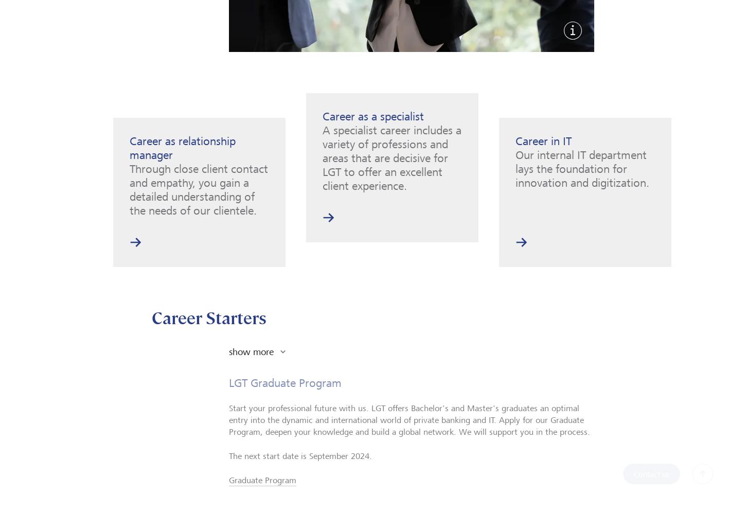 This screenshot has width=746, height=512. I want to click on 'Graduate Program', so click(262, 490).